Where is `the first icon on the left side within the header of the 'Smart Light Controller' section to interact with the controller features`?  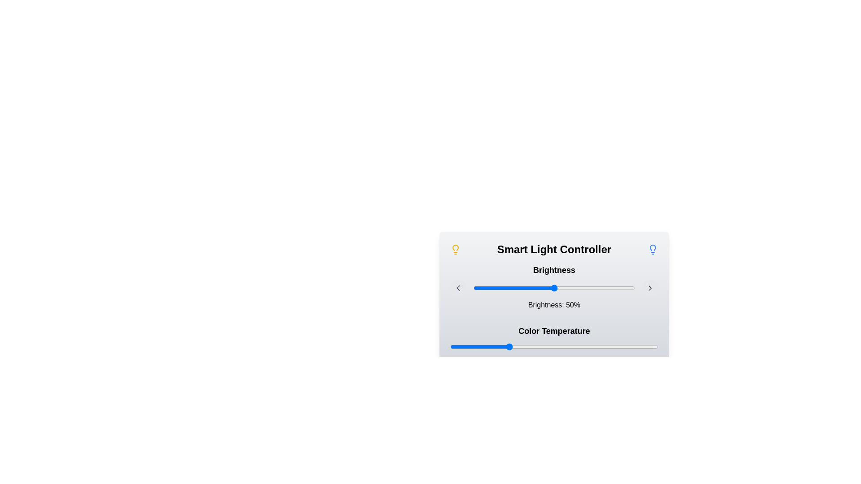 the first icon on the left side within the header of the 'Smart Light Controller' section to interact with the controller features is located at coordinates (456, 249).